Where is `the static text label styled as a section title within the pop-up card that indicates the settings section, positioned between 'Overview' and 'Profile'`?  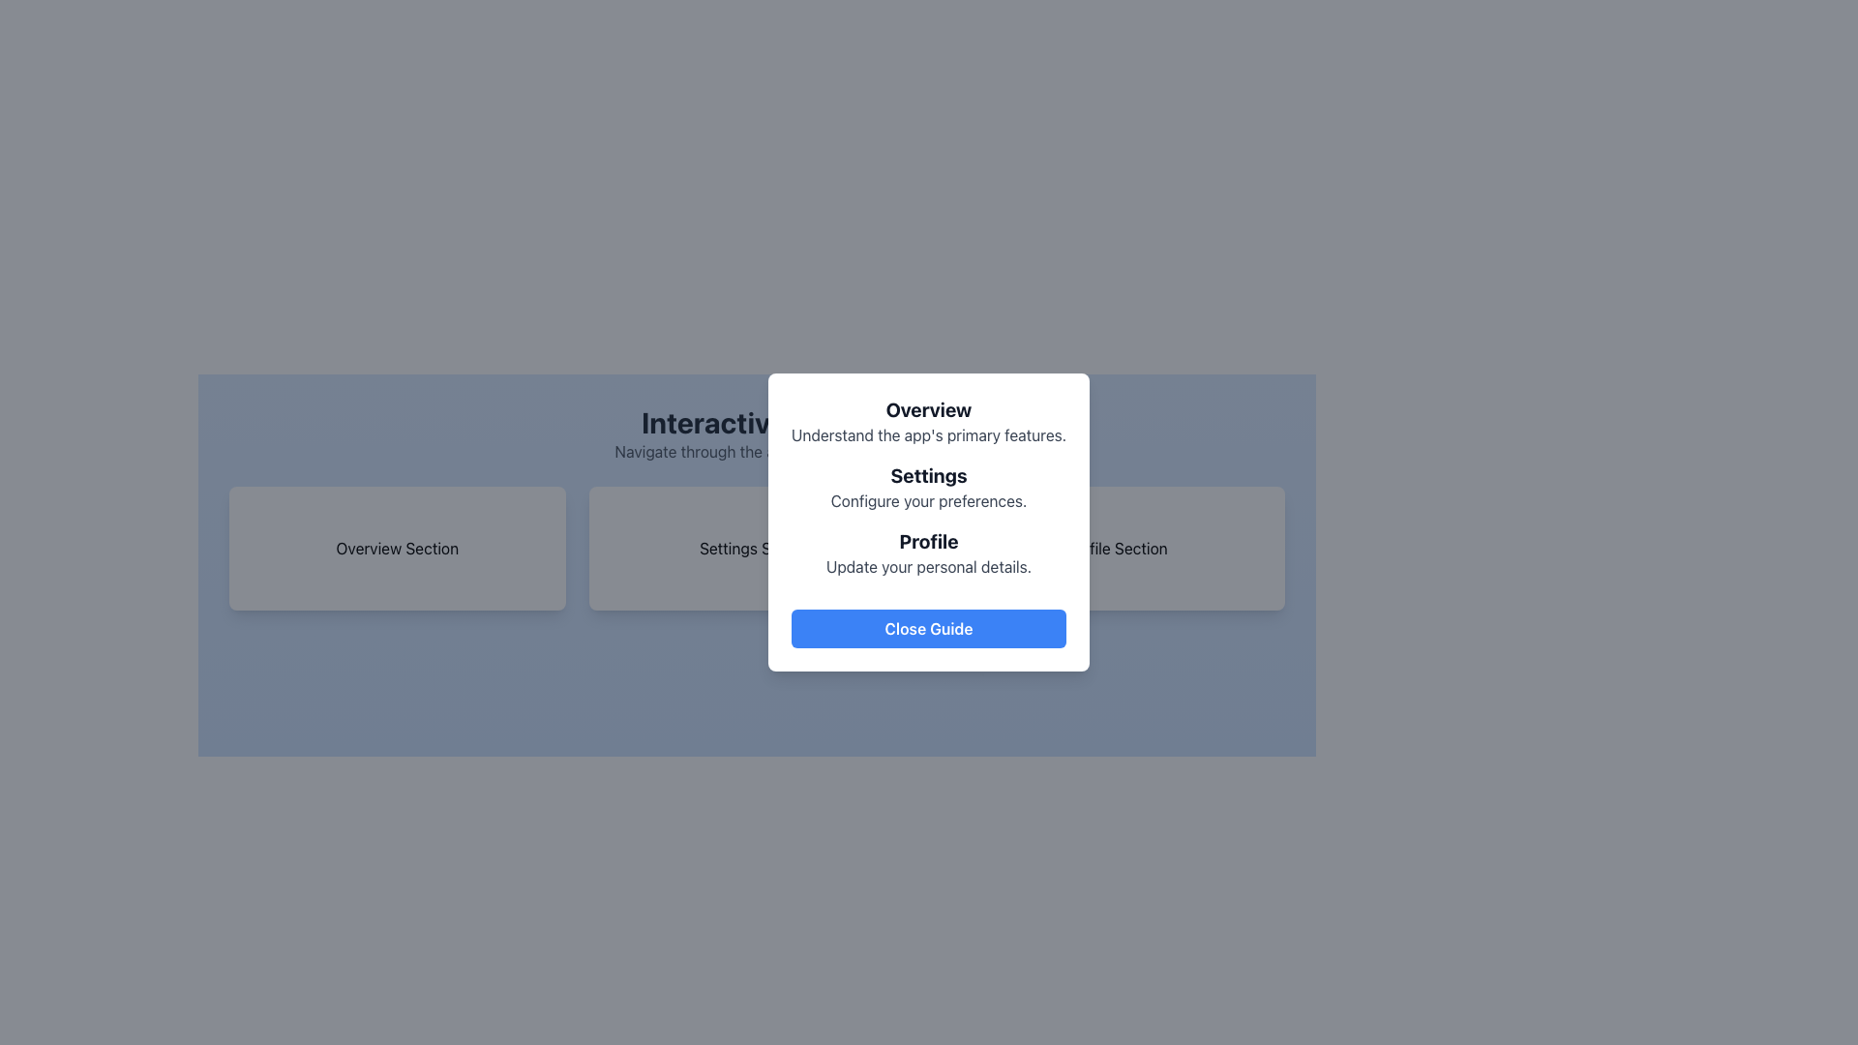
the static text label styled as a section title within the pop-up card that indicates the settings section, positioned between 'Overview' and 'Profile' is located at coordinates (929, 476).